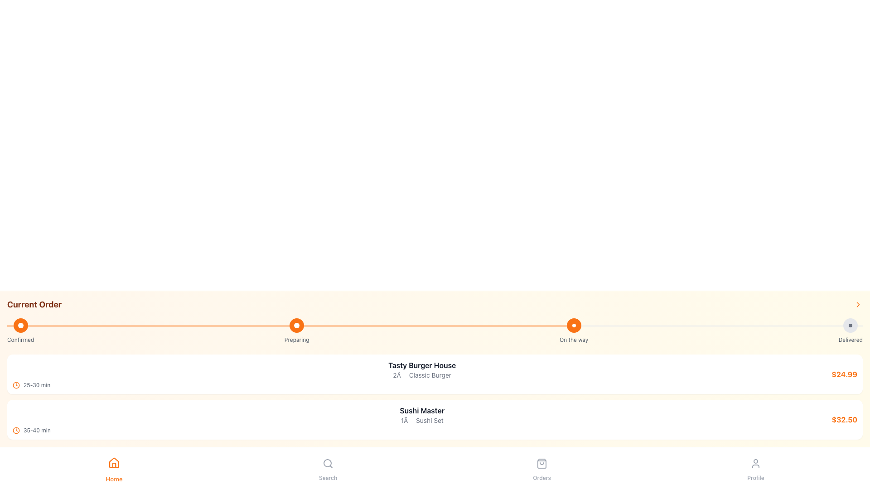  Describe the element at coordinates (844, 374) in the screenshot. I see `the price display showing '$24.99' in bold orange text, located at the far right of the 'Tasty Burger House' card` at that location.